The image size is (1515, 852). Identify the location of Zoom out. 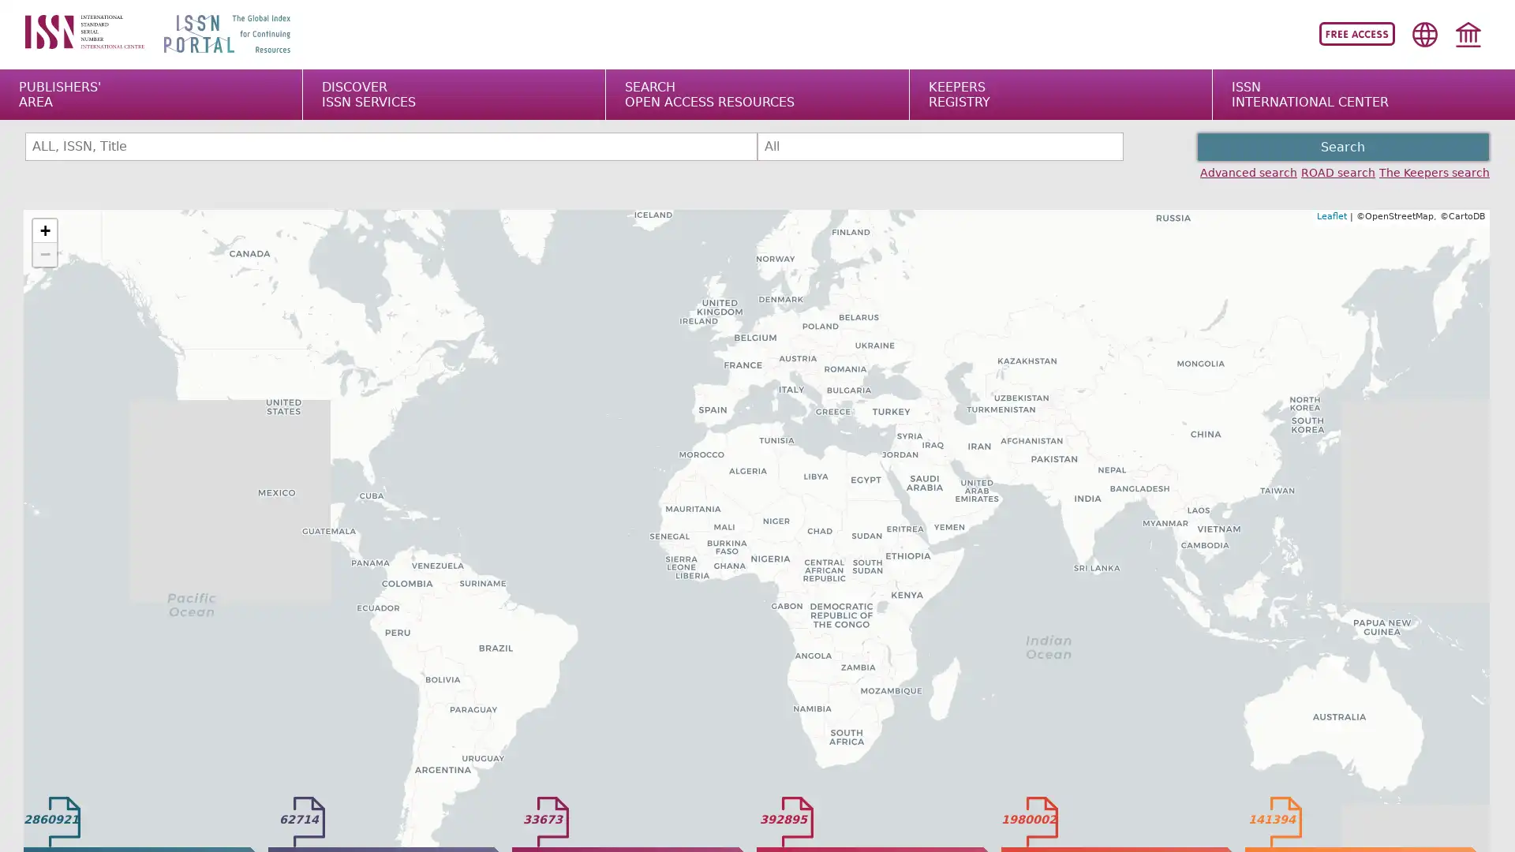
(45, 254).